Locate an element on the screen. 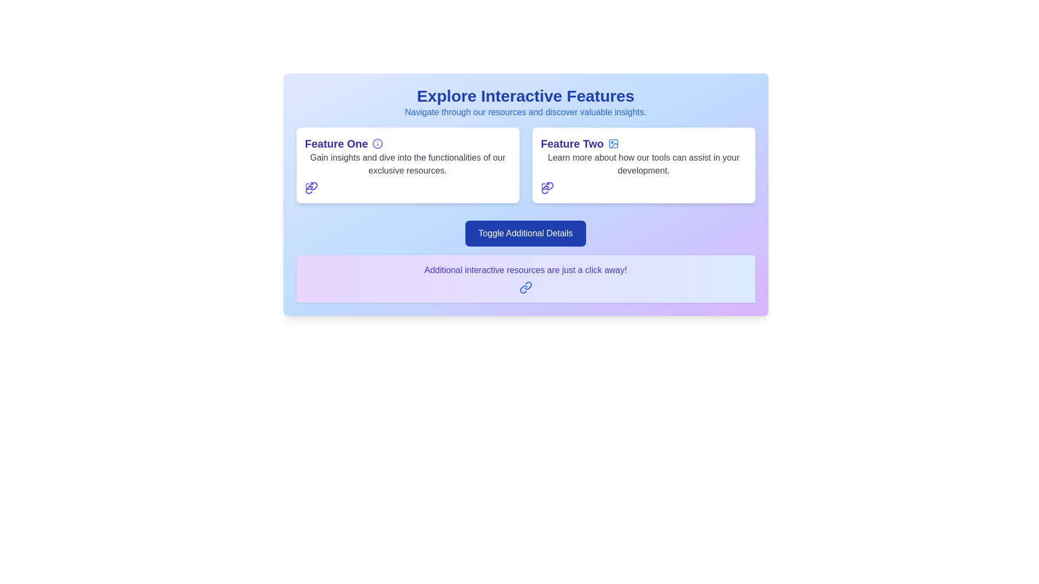 The height and width of the screenshot is (584, 1039). the slider position is located at coordinates (327, 220).